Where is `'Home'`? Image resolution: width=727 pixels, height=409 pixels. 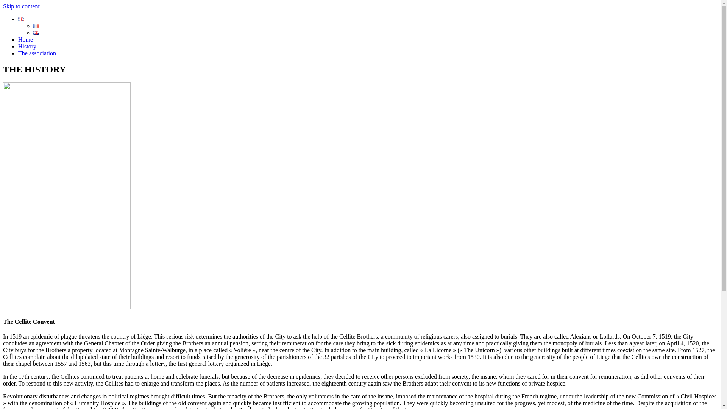 'Home' is located at coordinates (25, 39).